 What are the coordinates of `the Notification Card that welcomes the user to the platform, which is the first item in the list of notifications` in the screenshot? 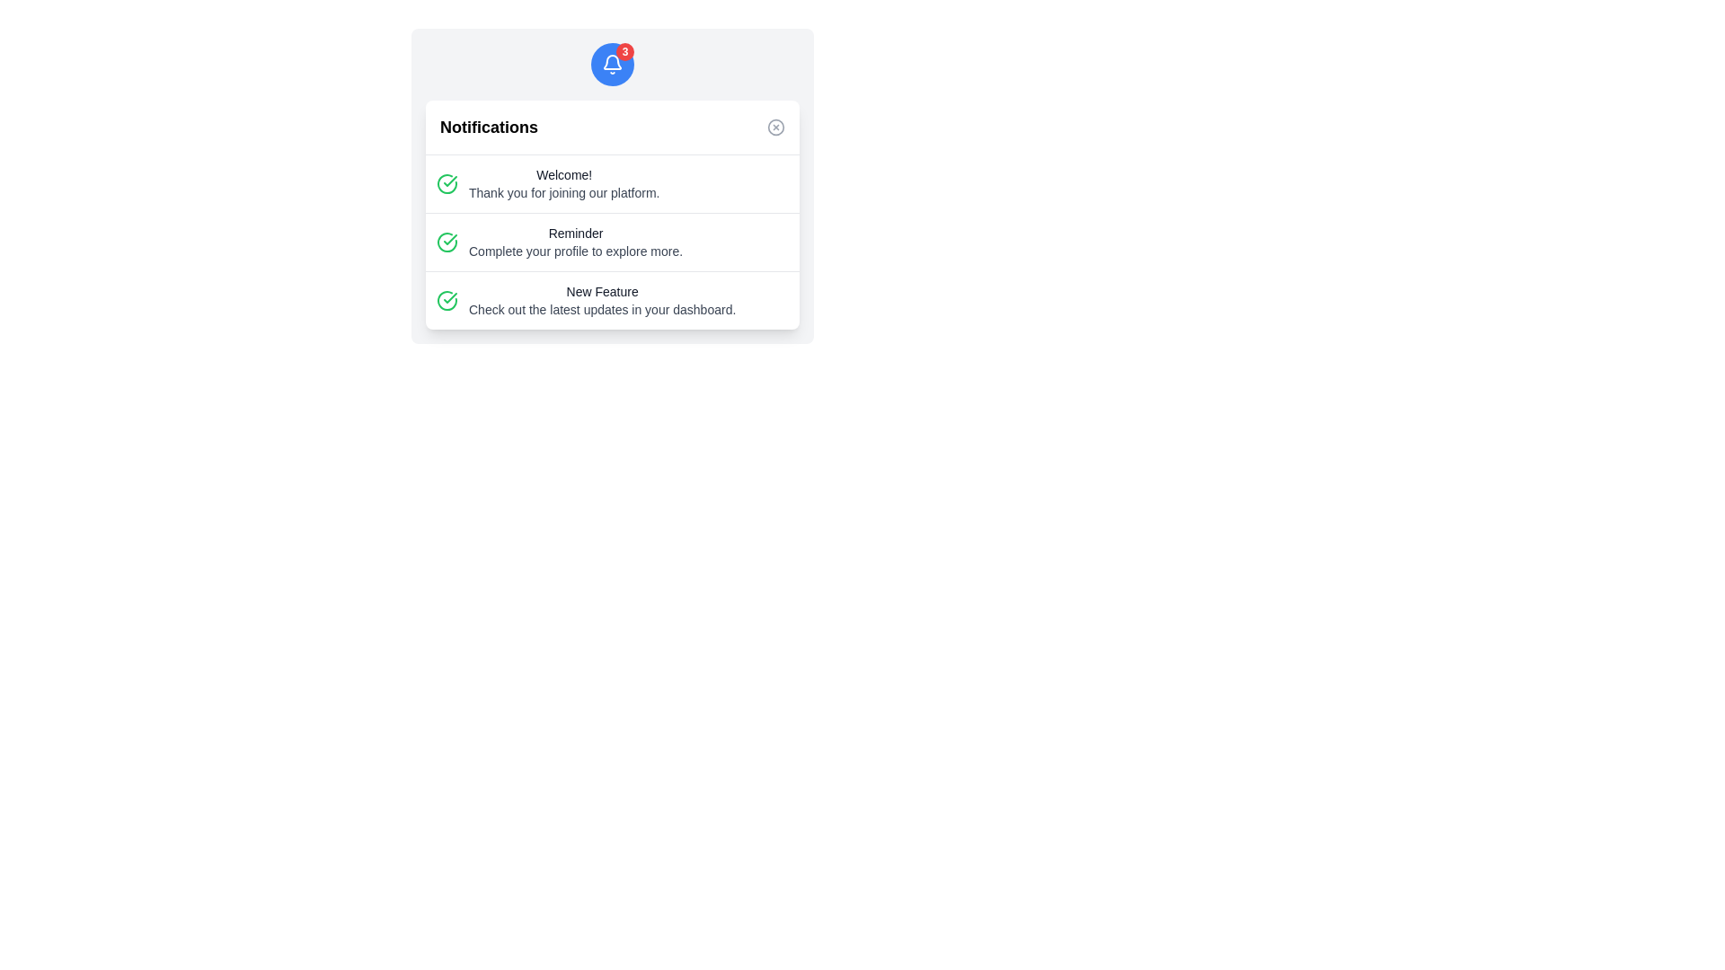 It's located at (612, 183).